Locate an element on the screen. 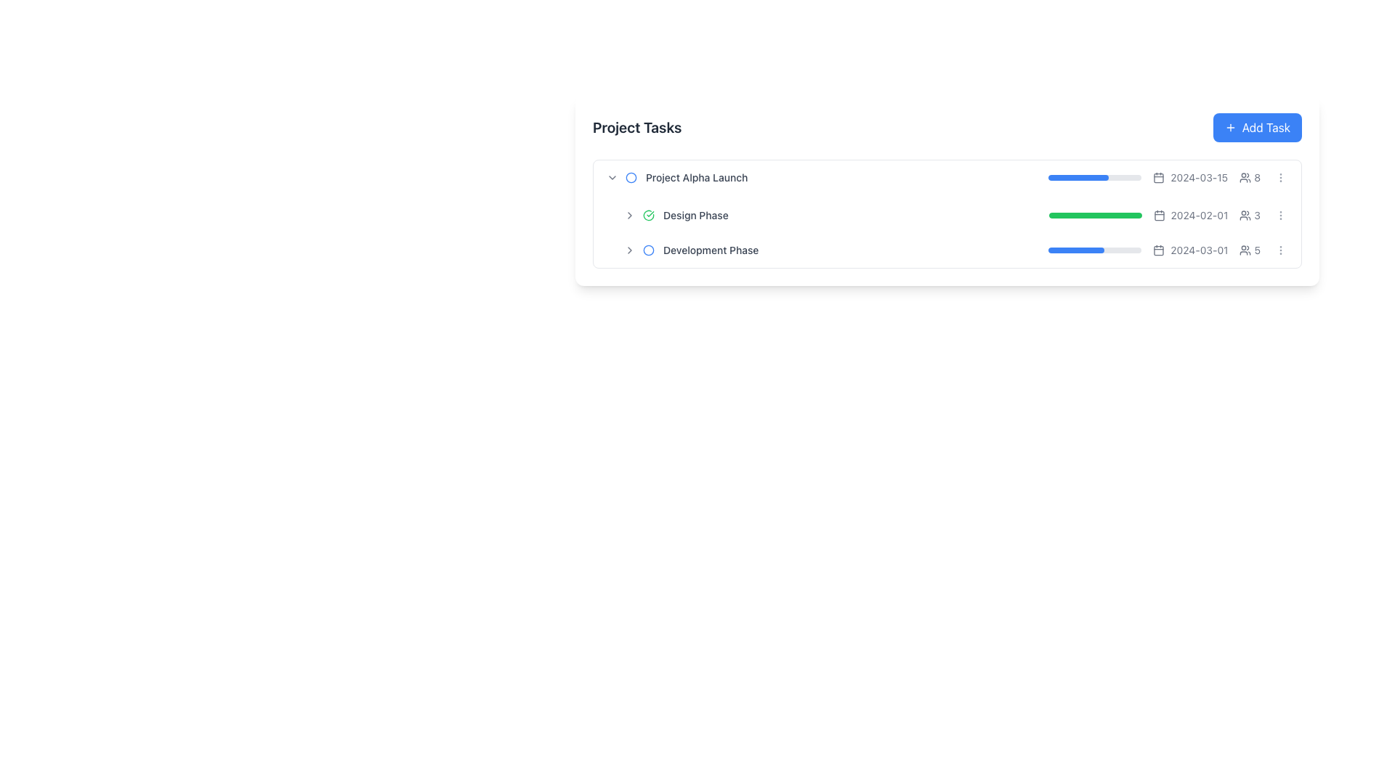  progress level is located at coordinates (1098, 216).